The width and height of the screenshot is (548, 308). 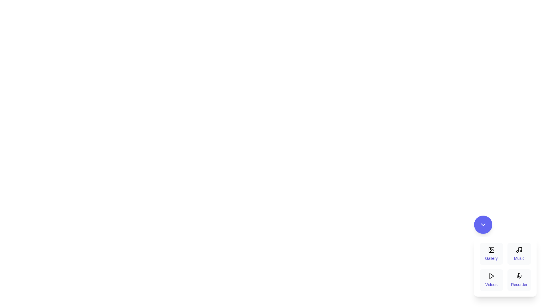 What do you see at coordinates (483, 224) in the screenshot?
I see `the arrow button to toggle the menu visibility` at bounding box center [483, 224].